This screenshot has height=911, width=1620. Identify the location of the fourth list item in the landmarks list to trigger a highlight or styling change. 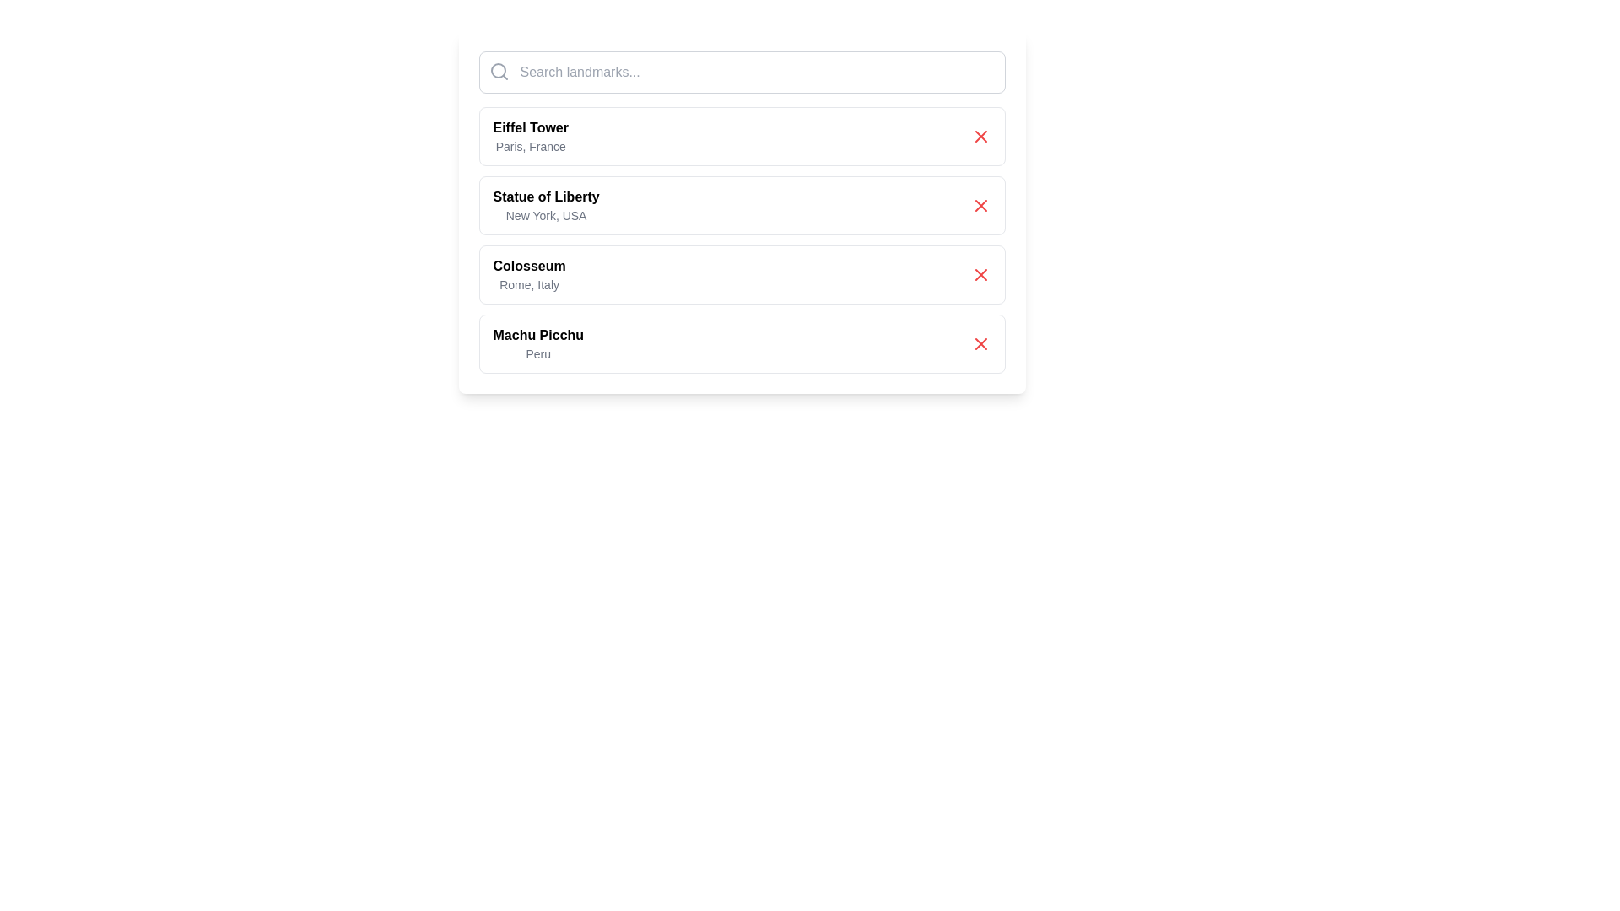
(742, 343).